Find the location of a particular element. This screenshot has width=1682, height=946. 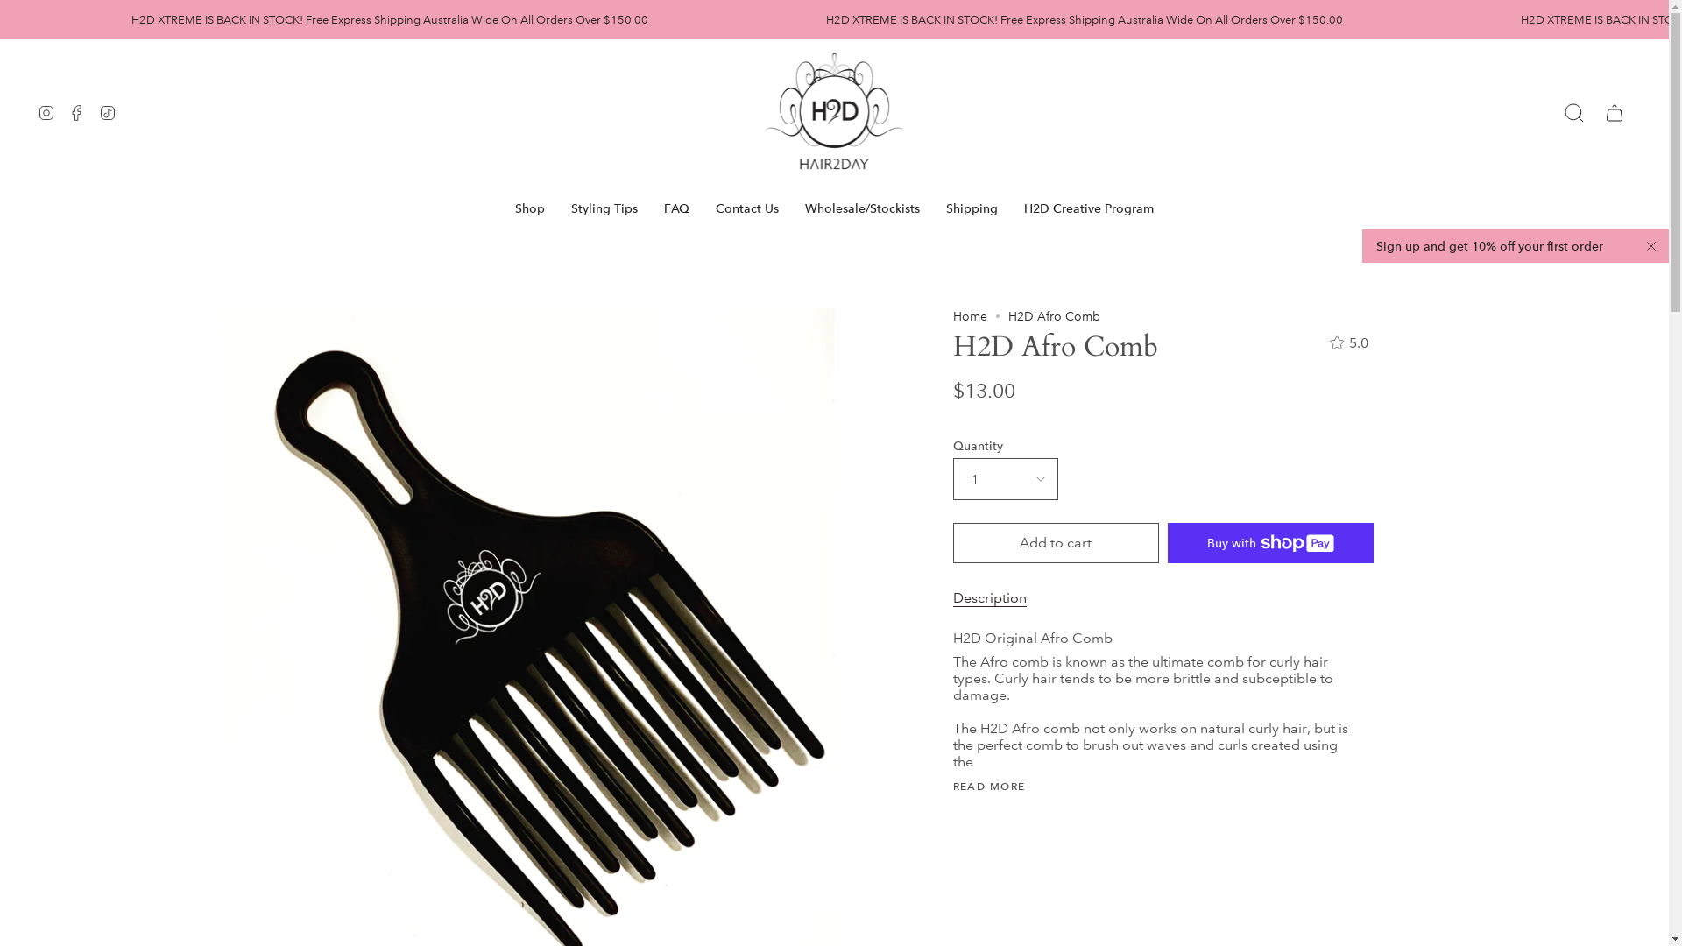

'FAQ' is located at coordinates (675, 208).